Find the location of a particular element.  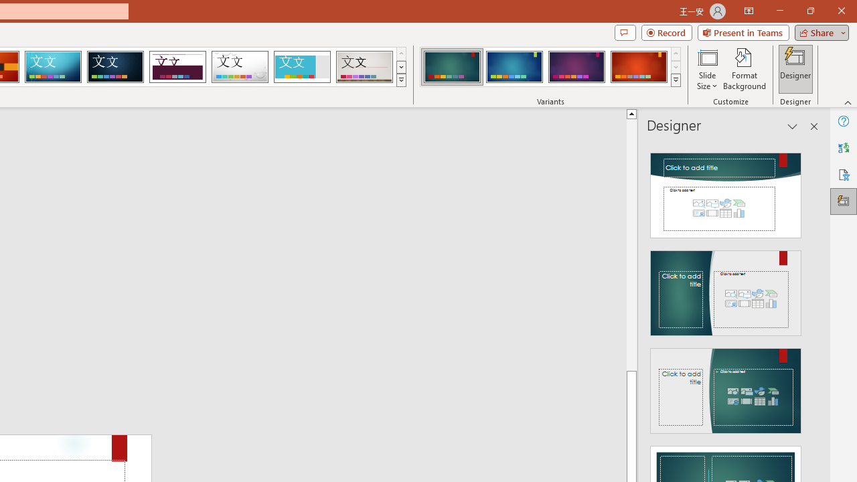

'Ion Variant 4' is located at coordinates (638, 67).